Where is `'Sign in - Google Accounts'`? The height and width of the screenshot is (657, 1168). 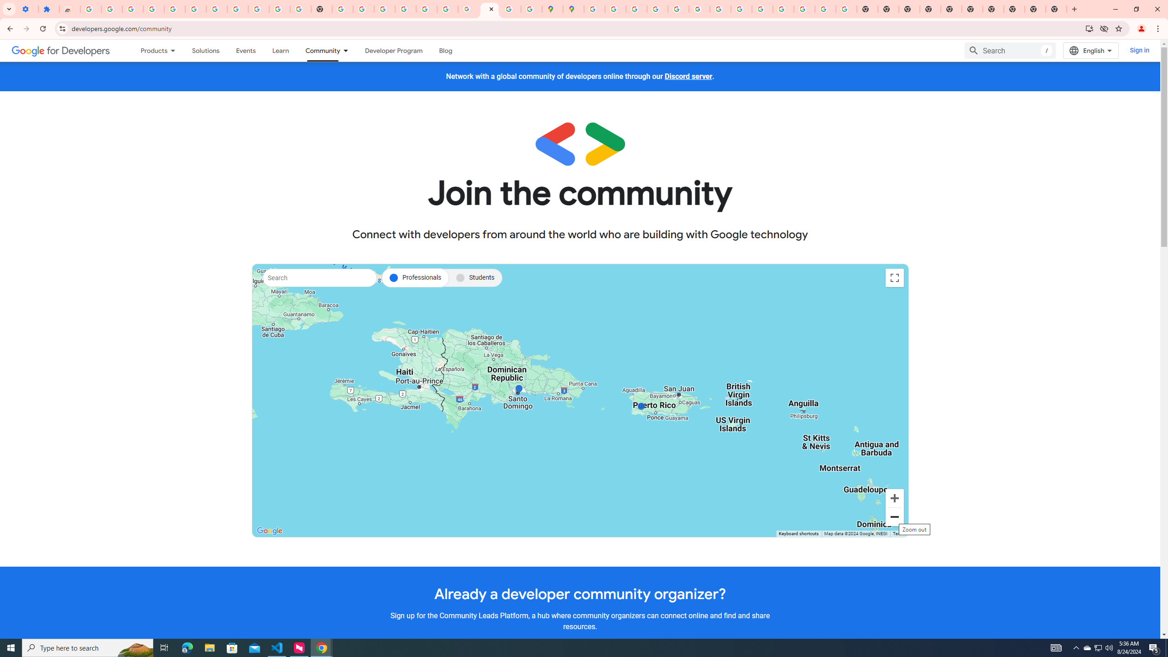 'Sign in - Google Accounts' is located at coordinates (90, 9).